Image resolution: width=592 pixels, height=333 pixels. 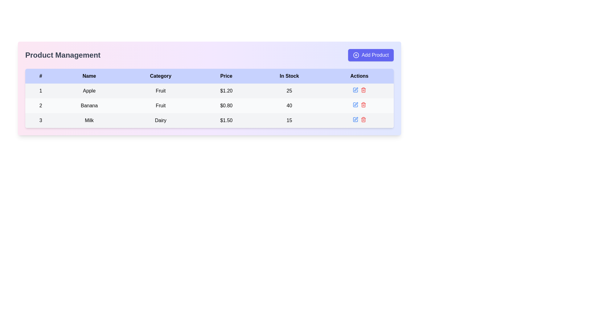 What do you see at coordinates (356, 55) in the screenshot?
I see `the circular icon with a plus sign inside, which is located on the left side of the 'Add Product' button at the top-right corner of the interface` at bounding box center [356, 55].